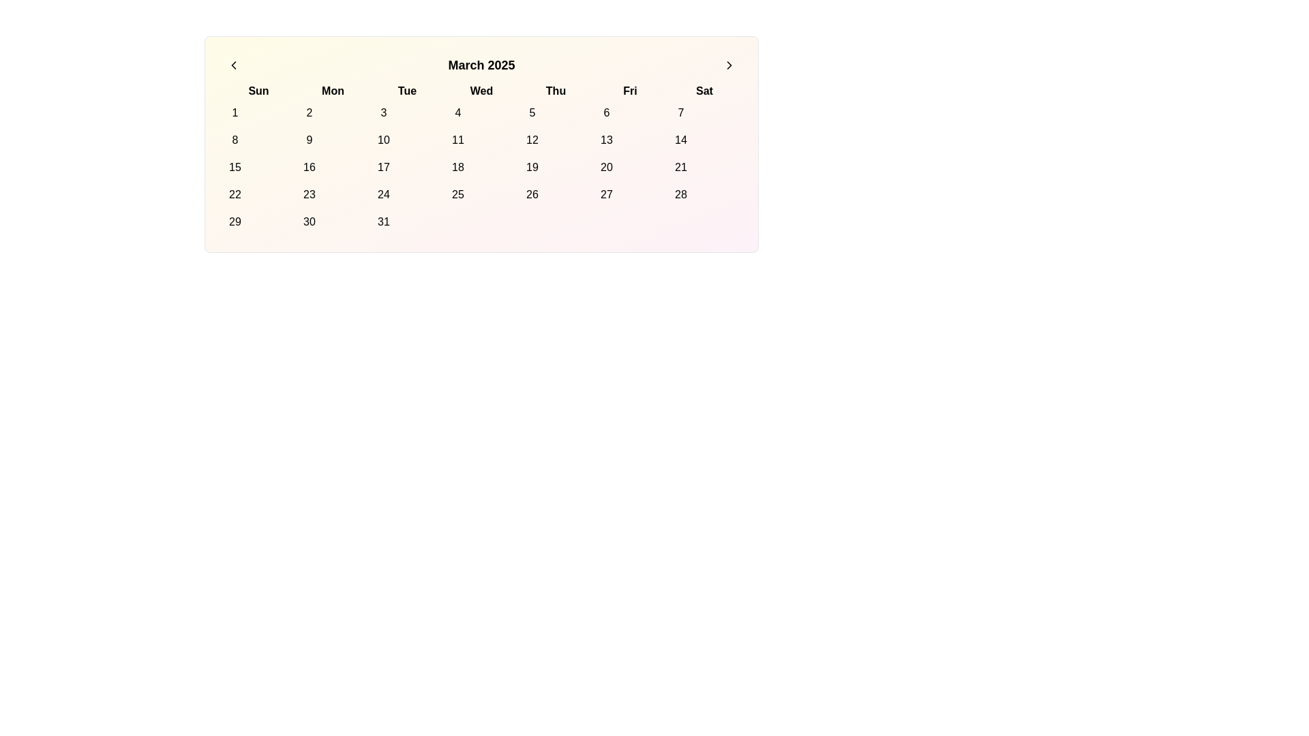  Describe the element at coordinates (309, 140) in the screenshot. I see `the circular button labeled '9' in the second row and third column of the calendar layout` at that location.